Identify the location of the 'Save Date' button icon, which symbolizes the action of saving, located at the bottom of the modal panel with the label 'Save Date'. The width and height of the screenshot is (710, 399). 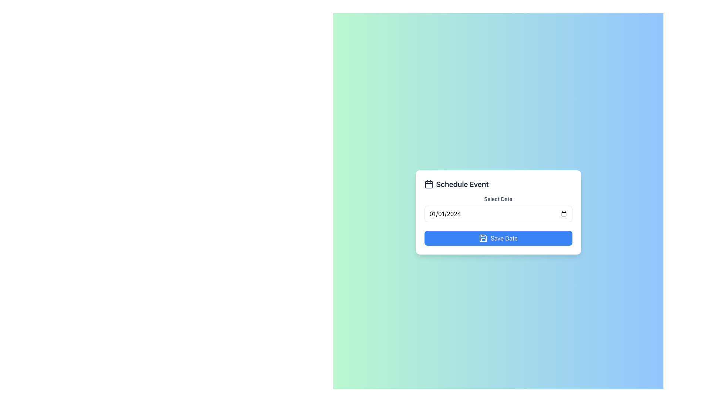
(483, 238).